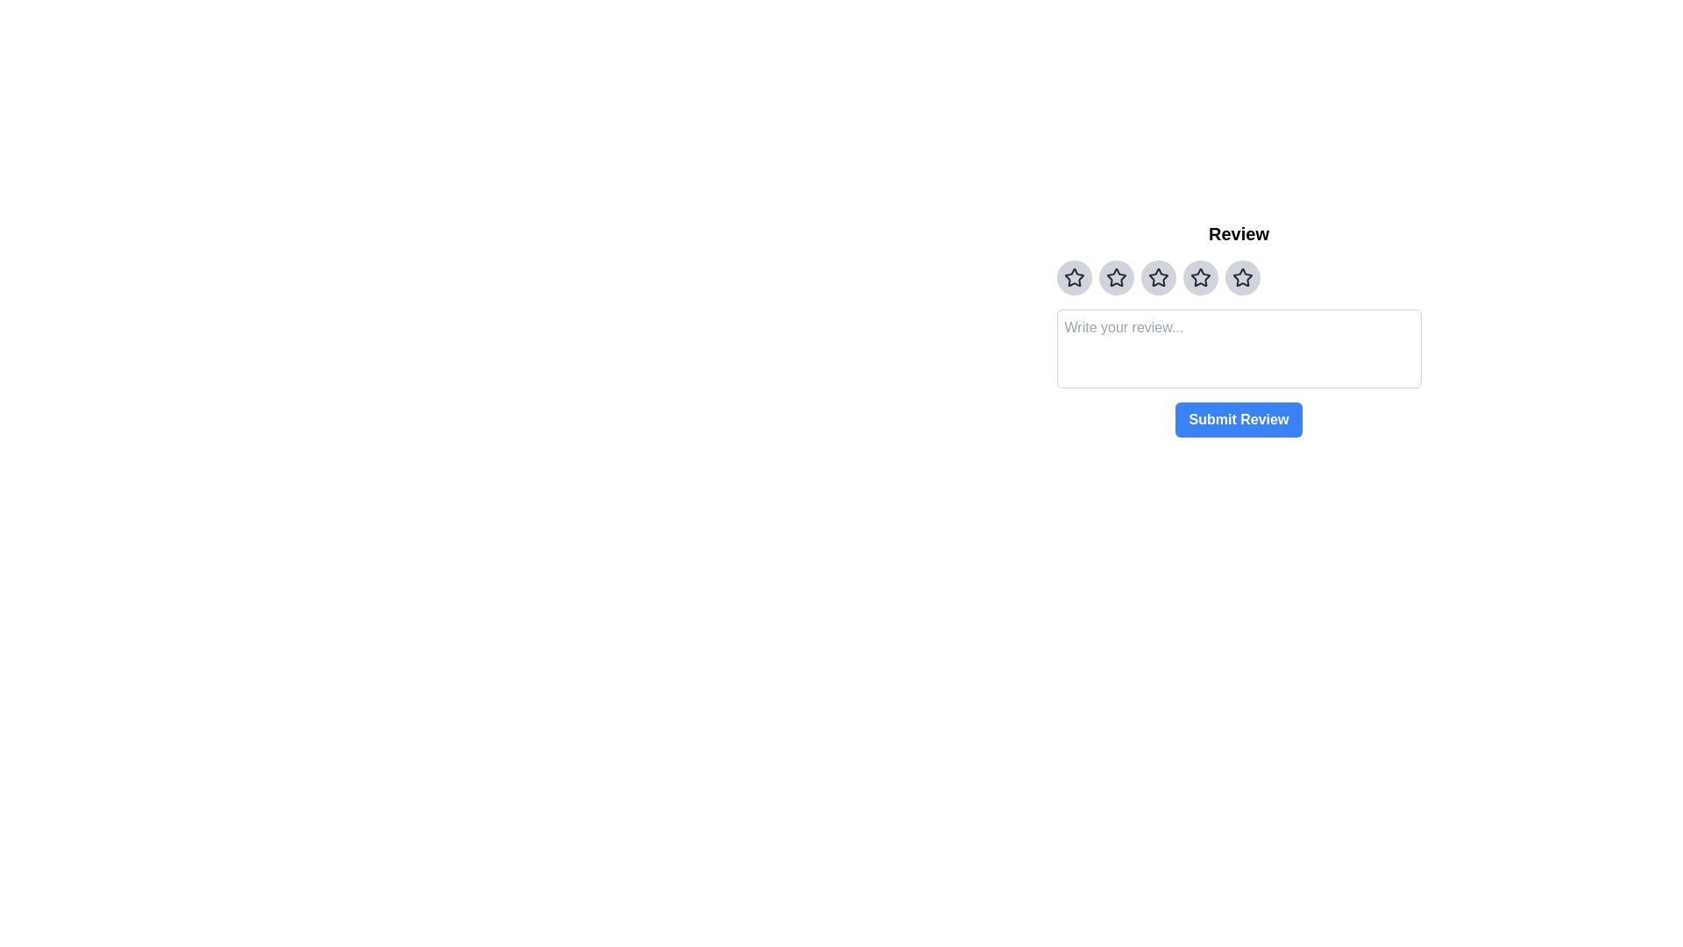  Describe the element at coordinates (1241, 276) in the screenshot. I see `the first star icon in the rating system` at that location.